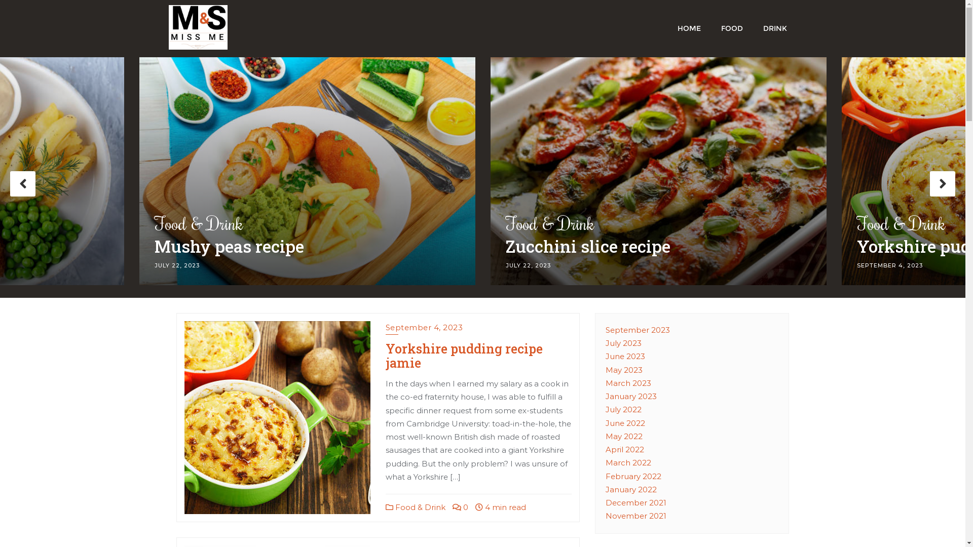 Image resolution: width=973 pixels, height=547 pixels. What do you see at coordinates (22, 183) in the screenshot?
I see `'Previous'` at bounding box center [22, 183].